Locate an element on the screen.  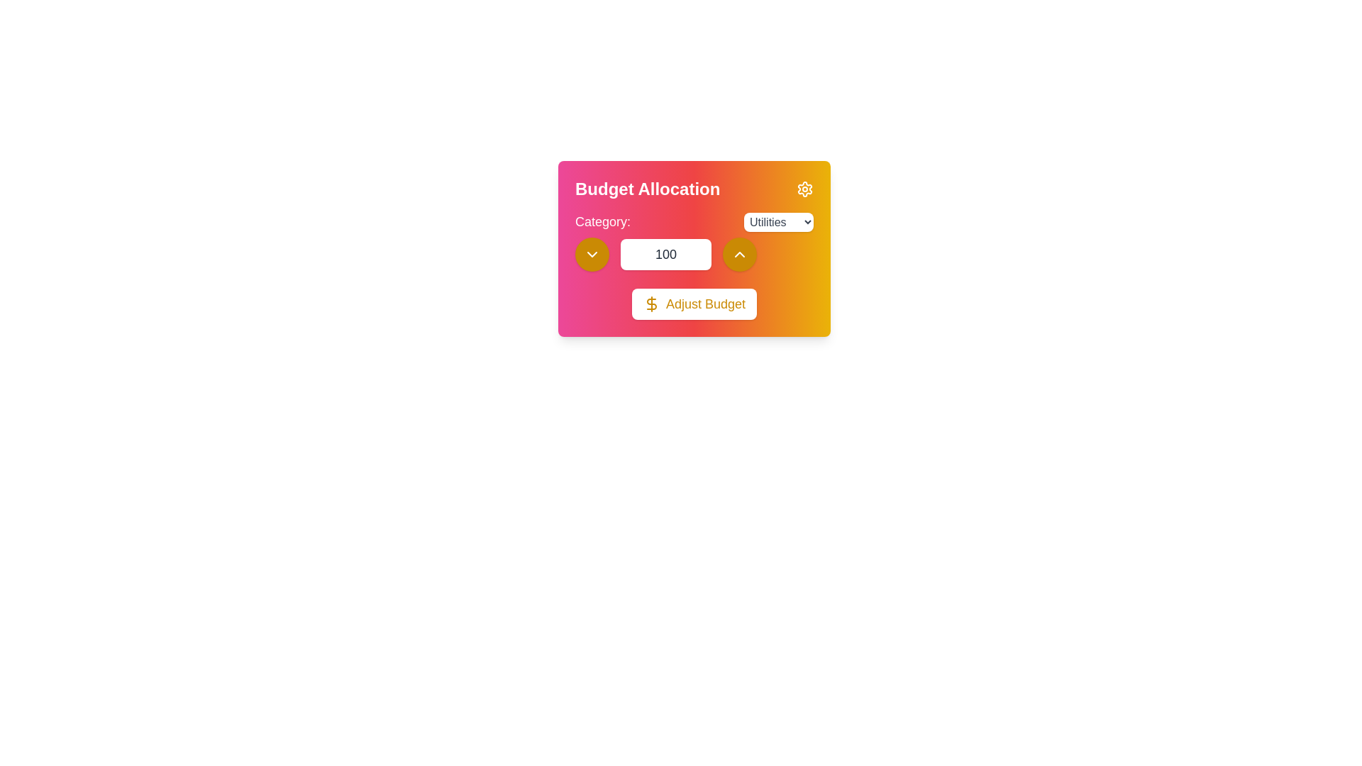
the prominent button labeled 'Adjust Budget' with yellow text and a dollar symbol icon is located at coordinates (694, 303).